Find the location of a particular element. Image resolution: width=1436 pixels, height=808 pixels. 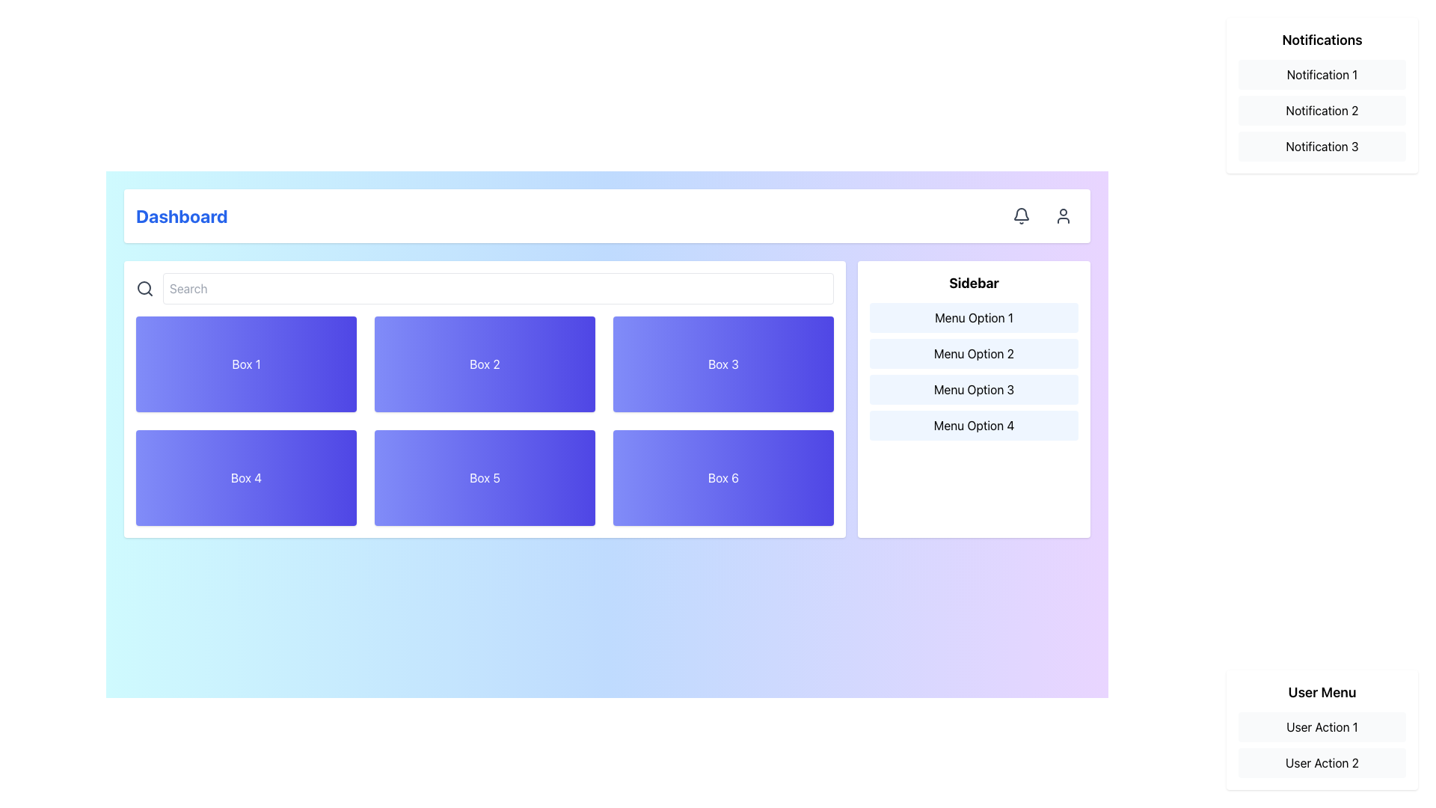

the notification bell icon located is located at coordinates (1021, 214).